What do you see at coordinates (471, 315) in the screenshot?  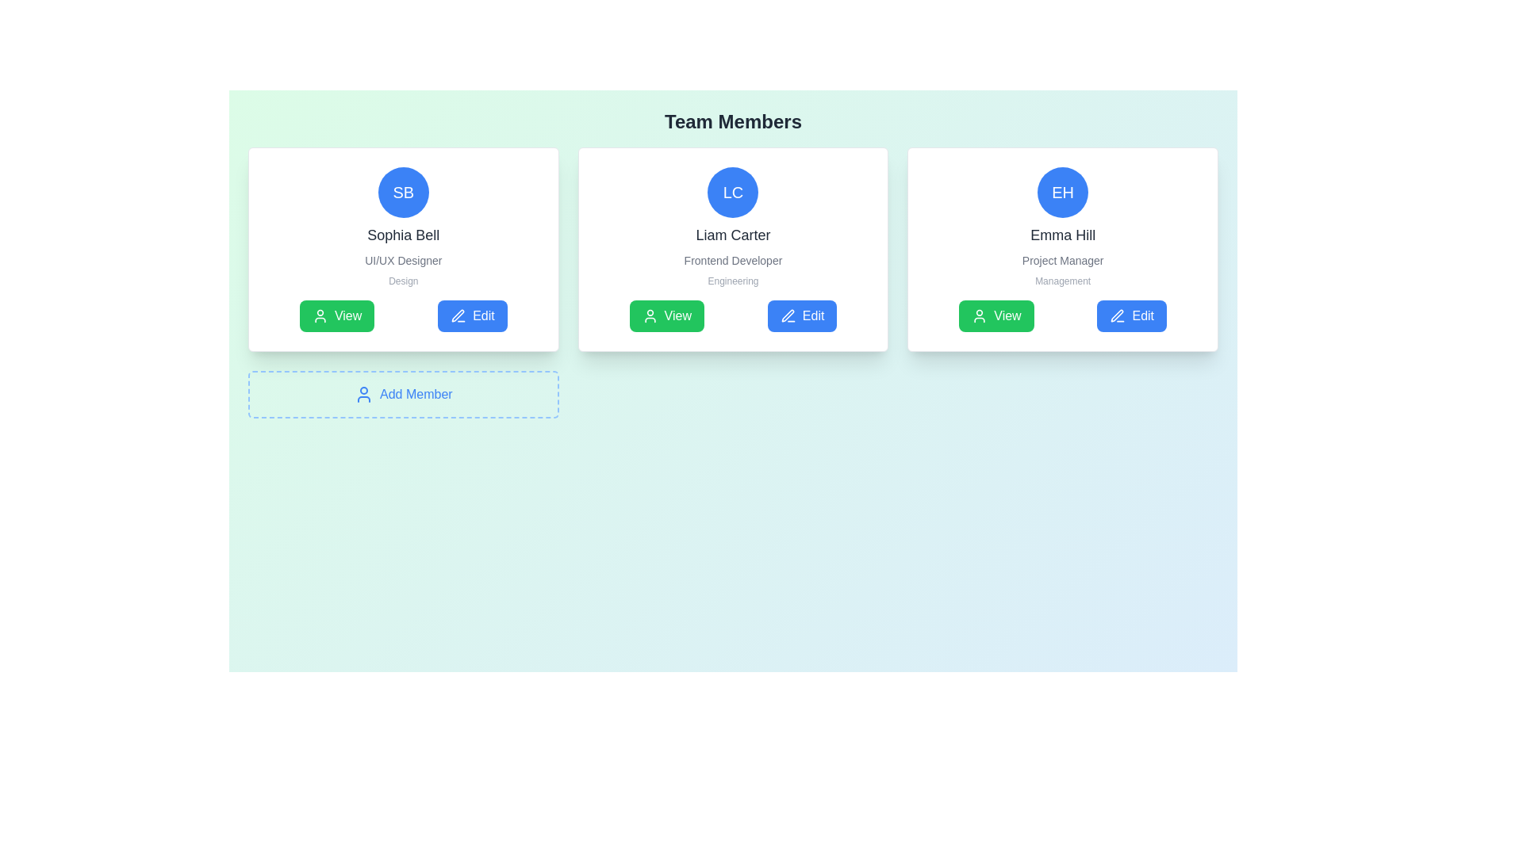 I see `the second button located at the bottom of the card for the team member 'Sophia Bell' to initiate editing of their details` at bounding box center [471, 315].